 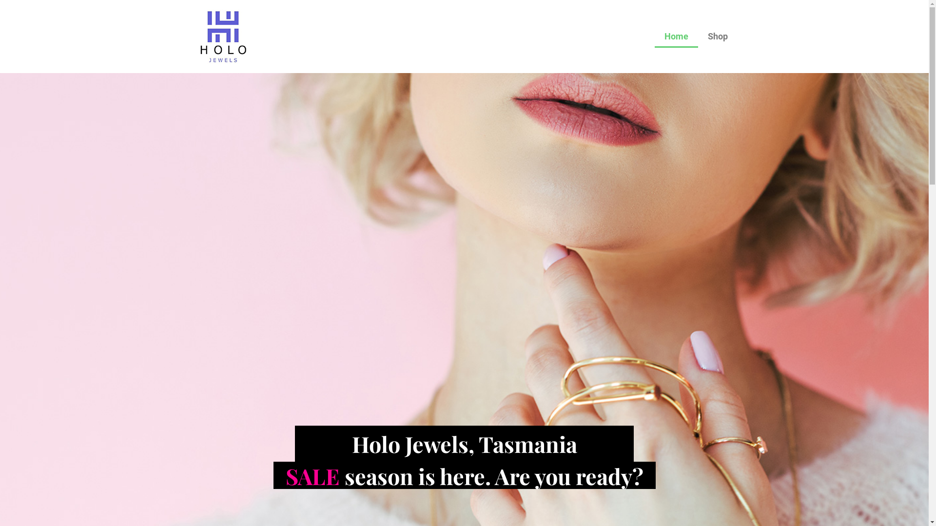 What do you see at coordinates (718, 36) in the screenshot?
I see `'Shop'` at bounding box center [718, 36].